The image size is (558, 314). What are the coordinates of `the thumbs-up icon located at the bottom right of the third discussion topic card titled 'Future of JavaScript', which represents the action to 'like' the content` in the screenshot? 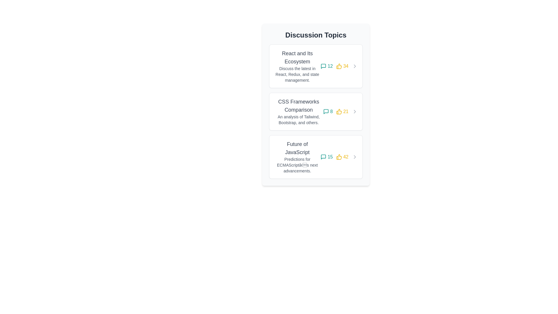 It's located at (339, 157).